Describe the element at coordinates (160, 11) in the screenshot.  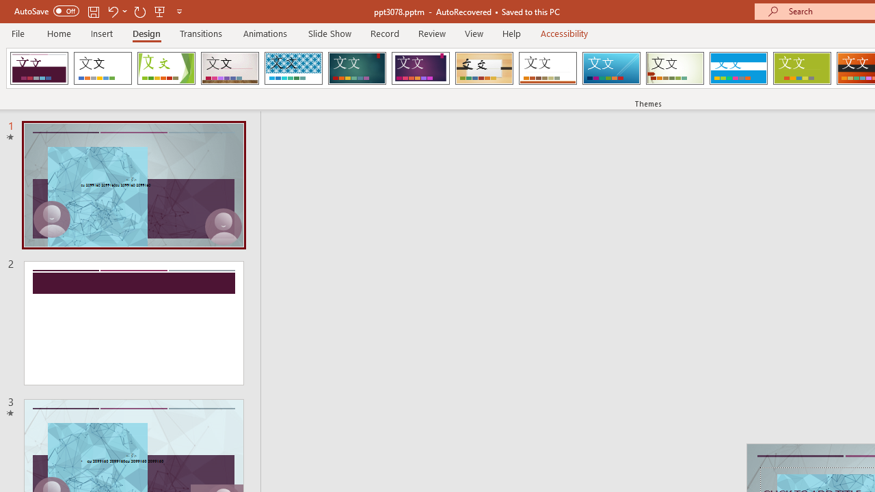
I see `'From Beginning'` at that location.